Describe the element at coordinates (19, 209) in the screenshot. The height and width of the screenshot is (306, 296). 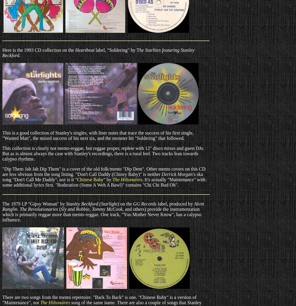
I see `'The Revolutionaries'` at that location.